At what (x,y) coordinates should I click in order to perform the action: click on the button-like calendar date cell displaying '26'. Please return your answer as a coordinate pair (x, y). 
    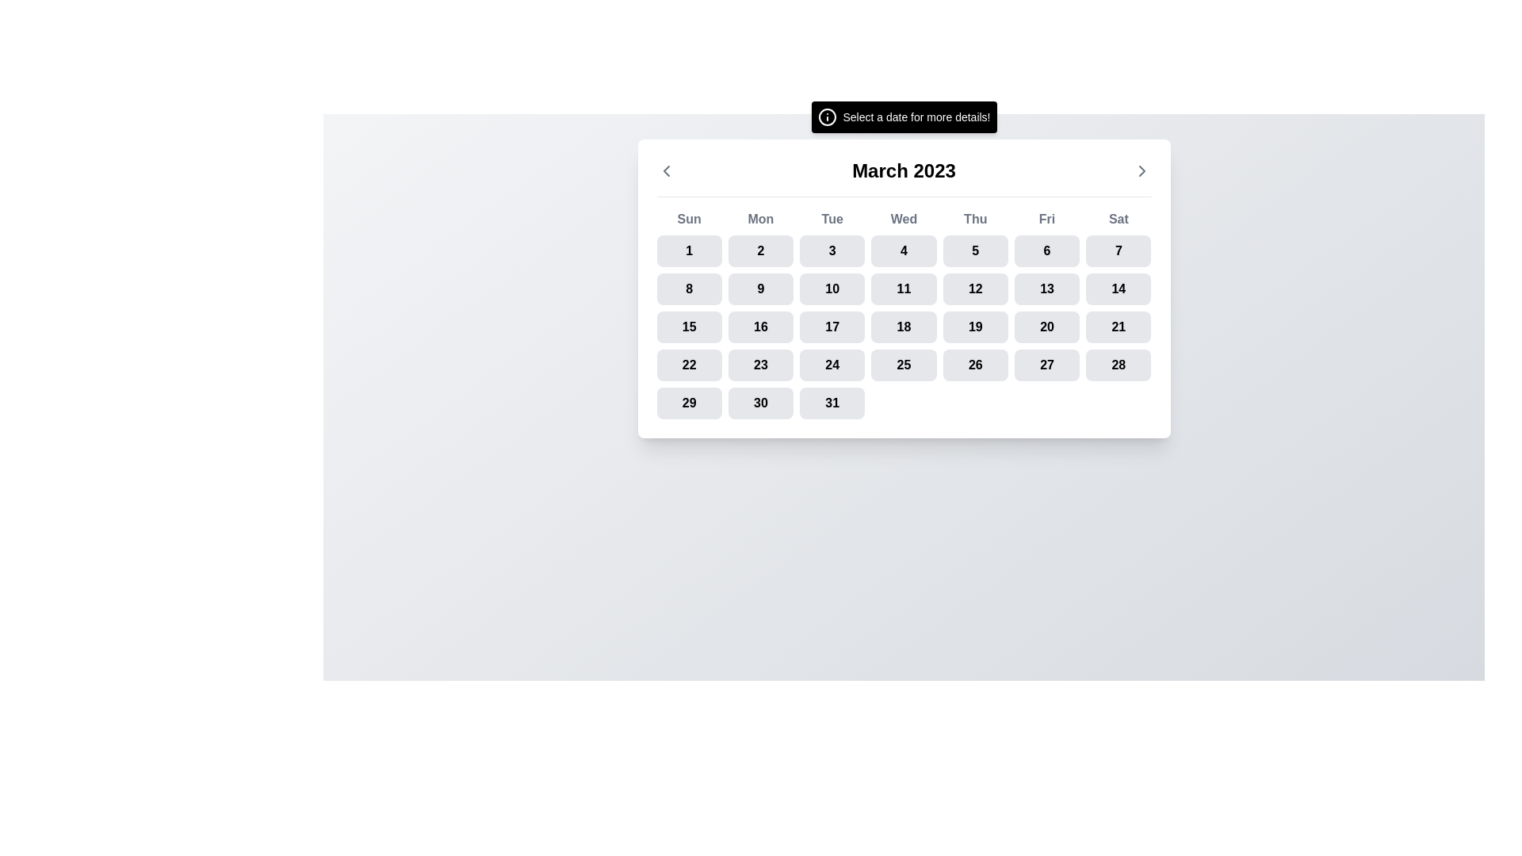
    Looking at the image, I should click on (974, 365).